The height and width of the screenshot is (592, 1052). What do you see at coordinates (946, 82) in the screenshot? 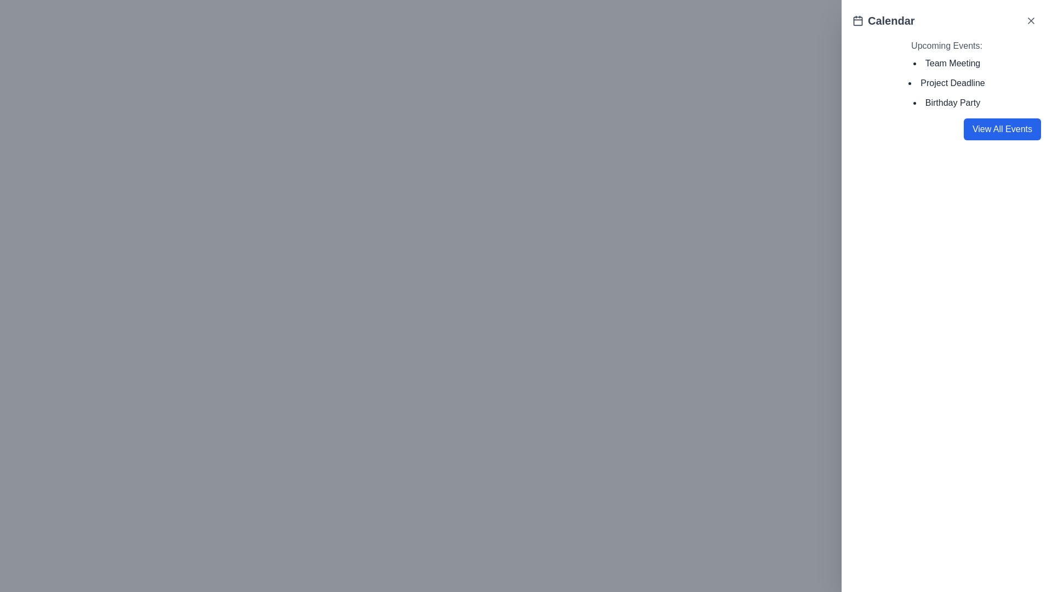
I see `the 'Project Deadline' text label, which is the second item in the list of upcoming events in the sidebar` at bounding box center [946, 82].